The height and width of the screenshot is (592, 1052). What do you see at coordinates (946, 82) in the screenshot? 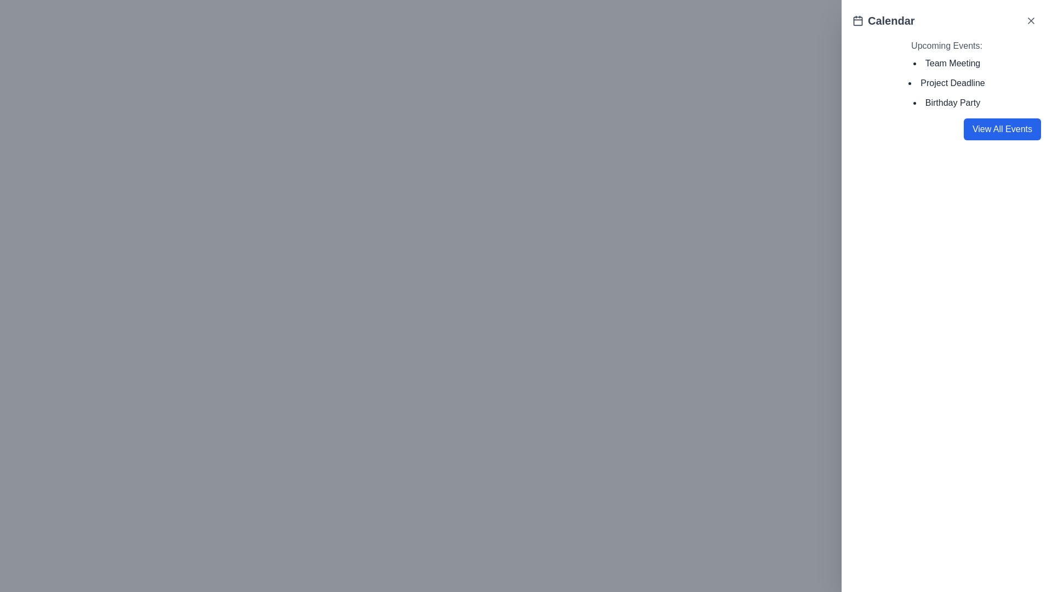
I see `the 'Project Deadline' text label, which is the second item in the list of upcoming events in the sidebar` at bounding box center [946, 82].